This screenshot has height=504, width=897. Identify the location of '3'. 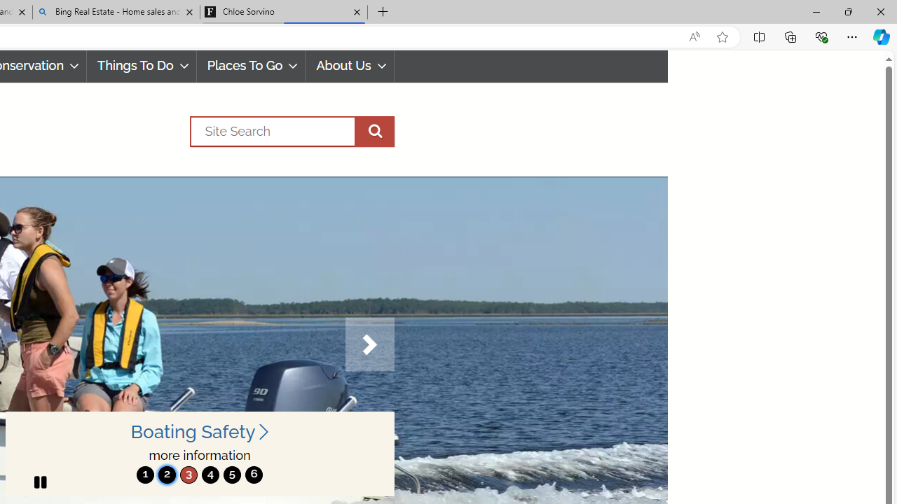
(188, 474).